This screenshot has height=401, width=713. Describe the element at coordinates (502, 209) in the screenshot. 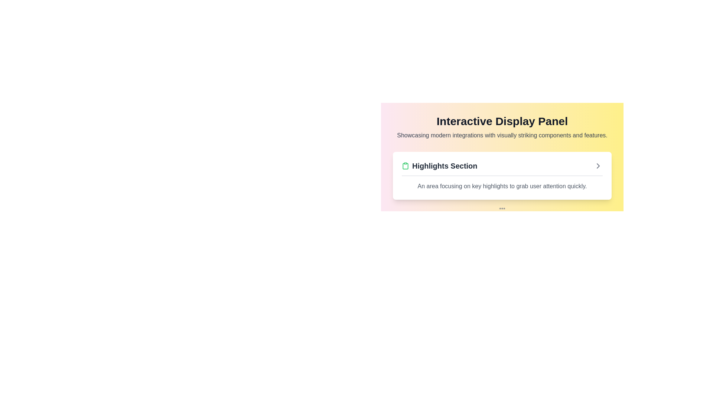

I see `the Small Text Label, which is a centrally-aligned small text component styled with gray color, located below the 'Highlights Section' content` at that location.